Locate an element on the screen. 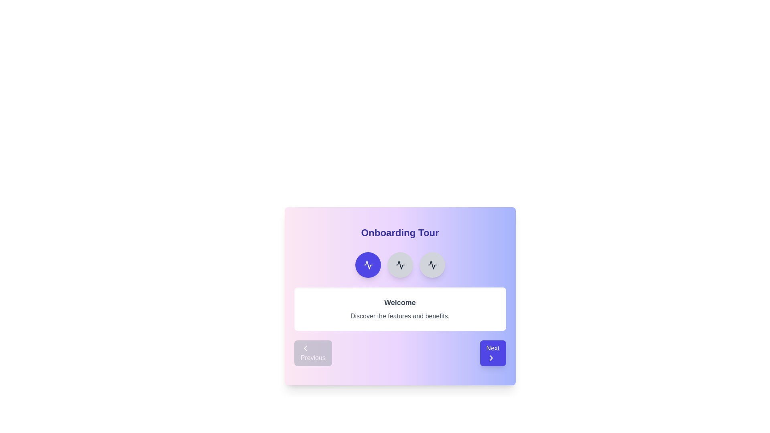 This screenshot has width=770, height=433. the inactive or neutral state button located between a purple button with a white waveform icon and a gray button with a black waveform icon, which is part of a stepper component in an onboarding process is located at coordinates (400, 265).